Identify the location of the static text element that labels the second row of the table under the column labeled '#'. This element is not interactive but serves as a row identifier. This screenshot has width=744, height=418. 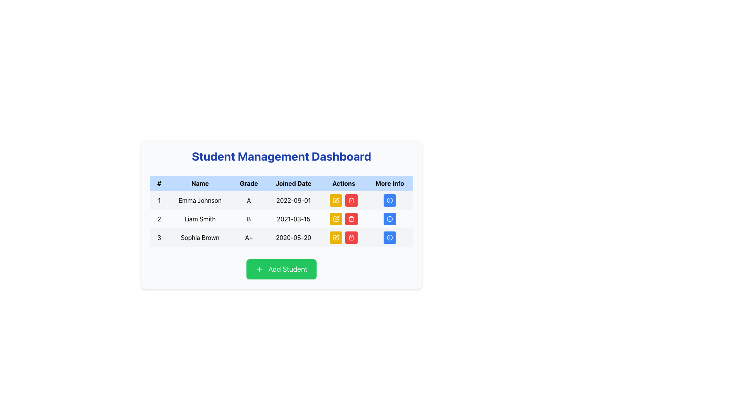
(159, 219).